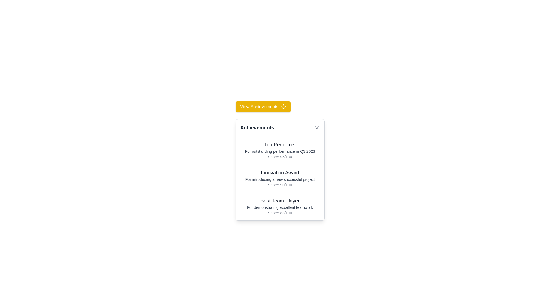 The image size is (534, 300). I want to click on the static text display showing 'Score: 95/100', which is centrally aligned beneath the text 'For outstanding performance in Q3 2023', so click(280, 157).